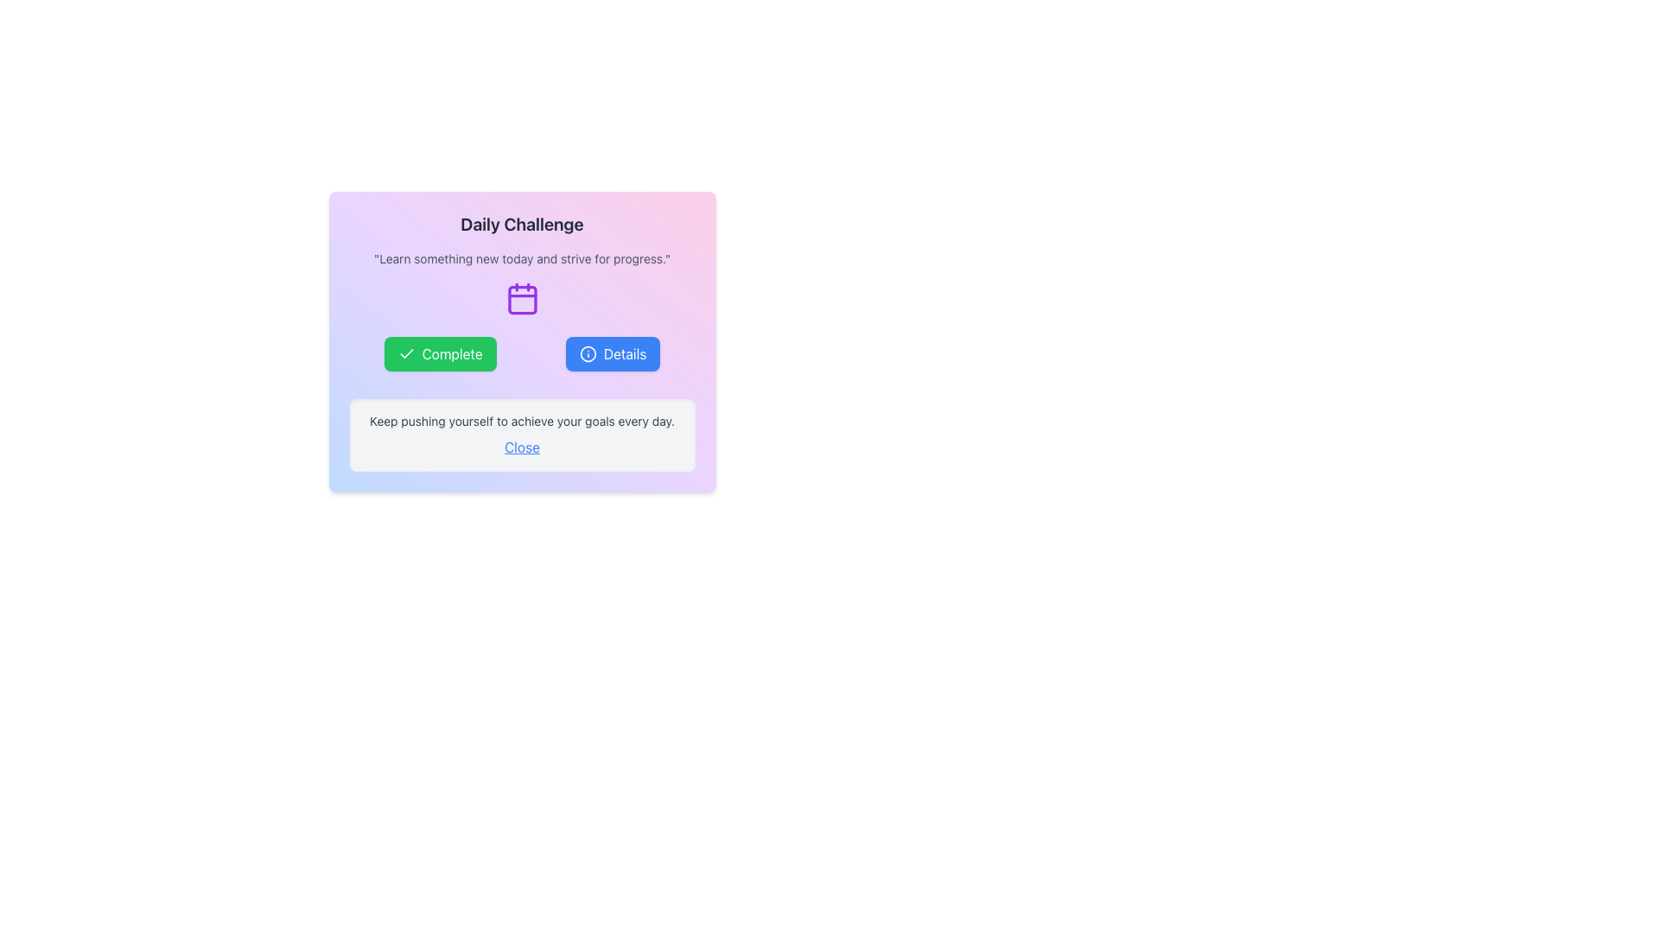 The height and width of the screenshot is (933, 1659). I want to click on the green checkmark icon on the left side of the 'Complete' button, which has a green background and white text, located beneath the 'Daily Challenge' header, so click(405, 352).